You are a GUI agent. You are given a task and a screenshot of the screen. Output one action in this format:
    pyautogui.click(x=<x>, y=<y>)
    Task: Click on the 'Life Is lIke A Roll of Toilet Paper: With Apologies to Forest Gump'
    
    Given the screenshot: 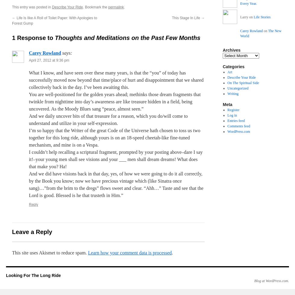 What is the action you would take?
    pyautogui.click(x=54, y=20)
    